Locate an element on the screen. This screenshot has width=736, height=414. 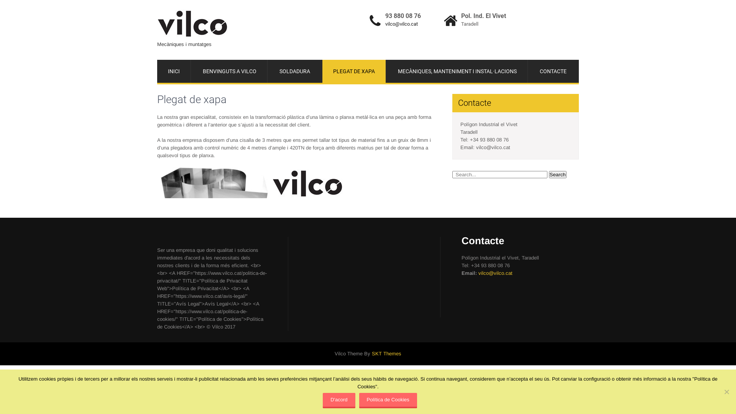
'PLEGAT DE XAPA' is located at coordinates (354, 71).